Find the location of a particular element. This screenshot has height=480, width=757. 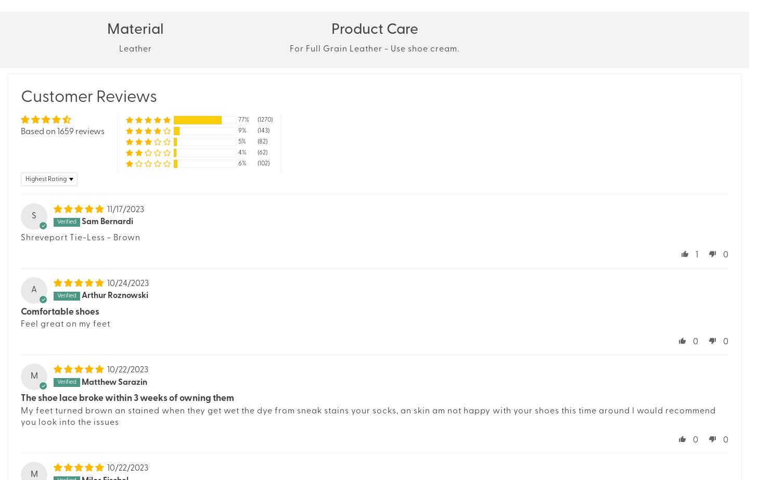

'For Full Grain Leather - Use shoe cream.' is located at coordinates (374, 48).